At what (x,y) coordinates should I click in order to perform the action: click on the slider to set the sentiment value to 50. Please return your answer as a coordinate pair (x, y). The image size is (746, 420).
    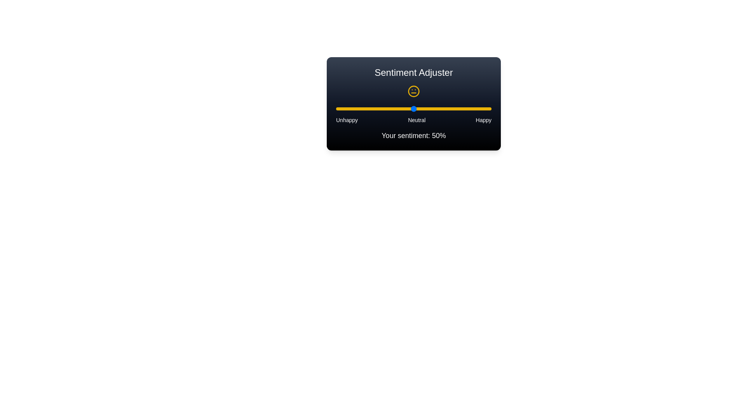
    Looking at the image, I should click on (413, 109).